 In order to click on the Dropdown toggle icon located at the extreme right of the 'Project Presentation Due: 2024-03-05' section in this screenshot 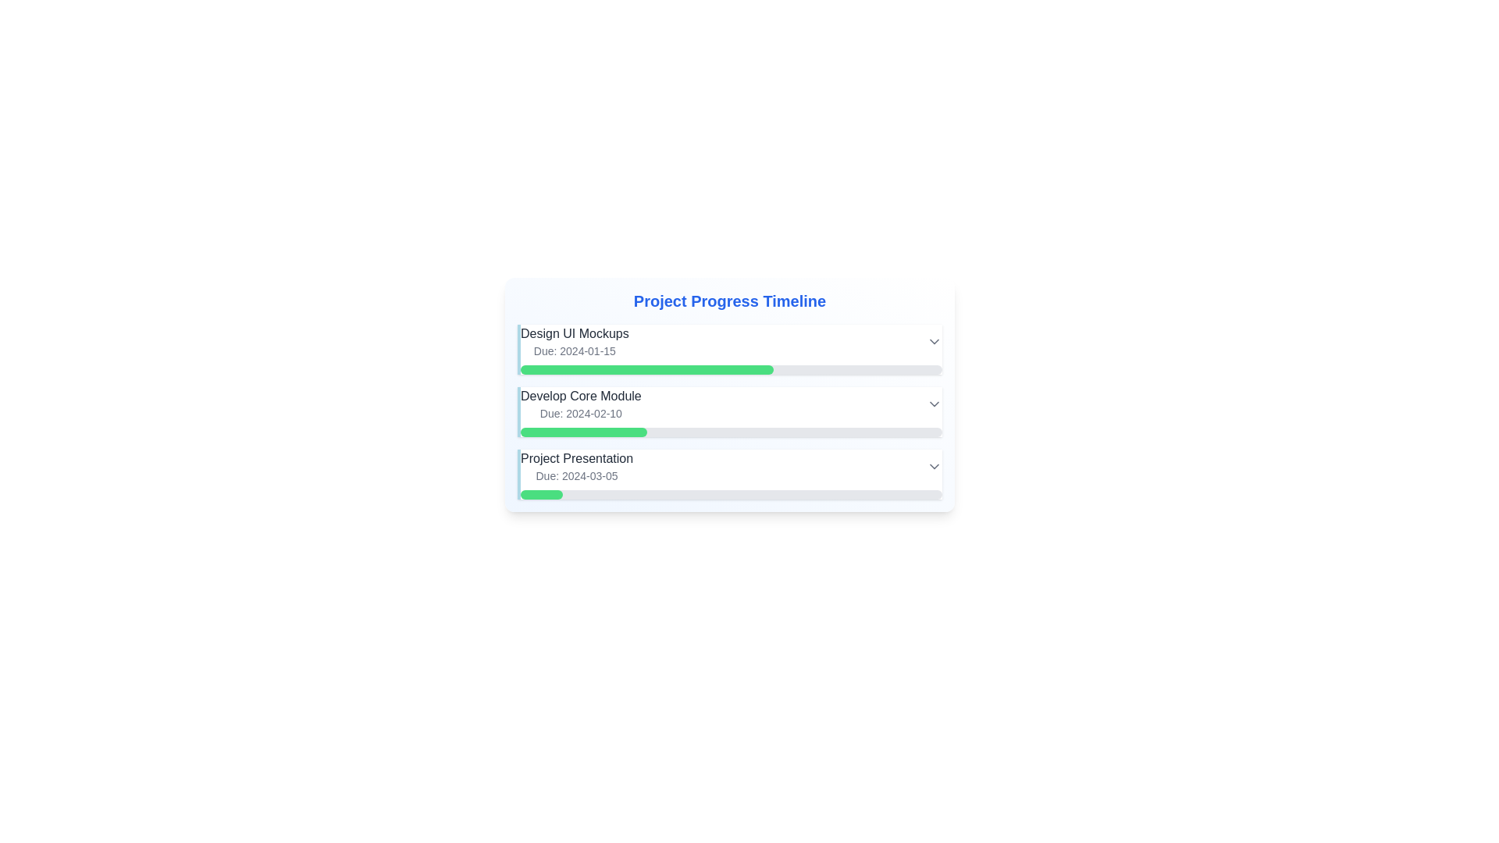, I will do `click(934, 465)`.